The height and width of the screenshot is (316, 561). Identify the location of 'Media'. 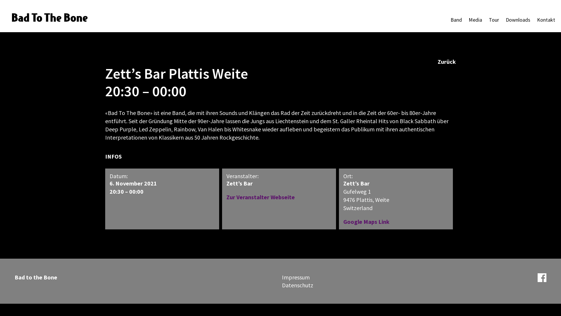
(475, 20).